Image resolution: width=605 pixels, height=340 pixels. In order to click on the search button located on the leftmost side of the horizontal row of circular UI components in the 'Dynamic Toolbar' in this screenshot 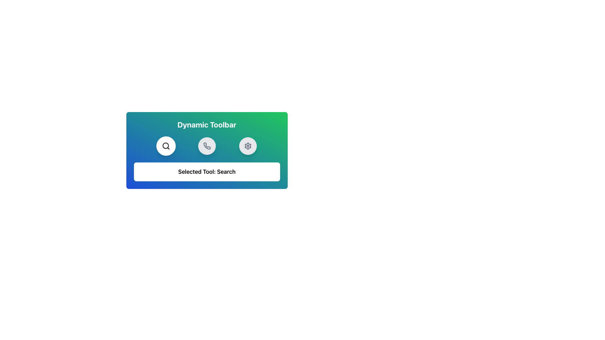, I will do `click(166, 146)`.